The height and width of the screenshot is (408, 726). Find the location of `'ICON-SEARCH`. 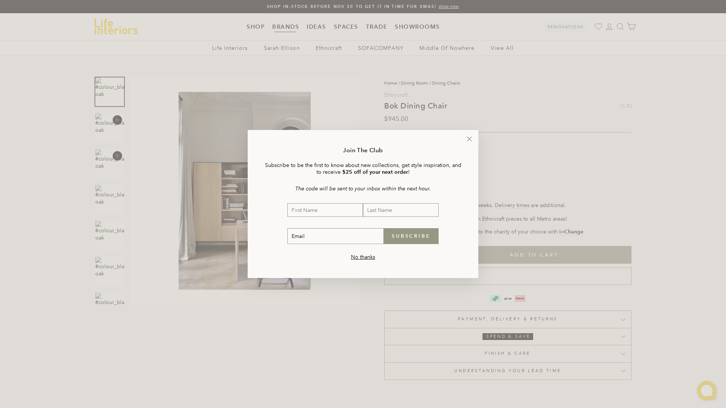

'ICON-SEARCH is located at coordinates (620, 26).